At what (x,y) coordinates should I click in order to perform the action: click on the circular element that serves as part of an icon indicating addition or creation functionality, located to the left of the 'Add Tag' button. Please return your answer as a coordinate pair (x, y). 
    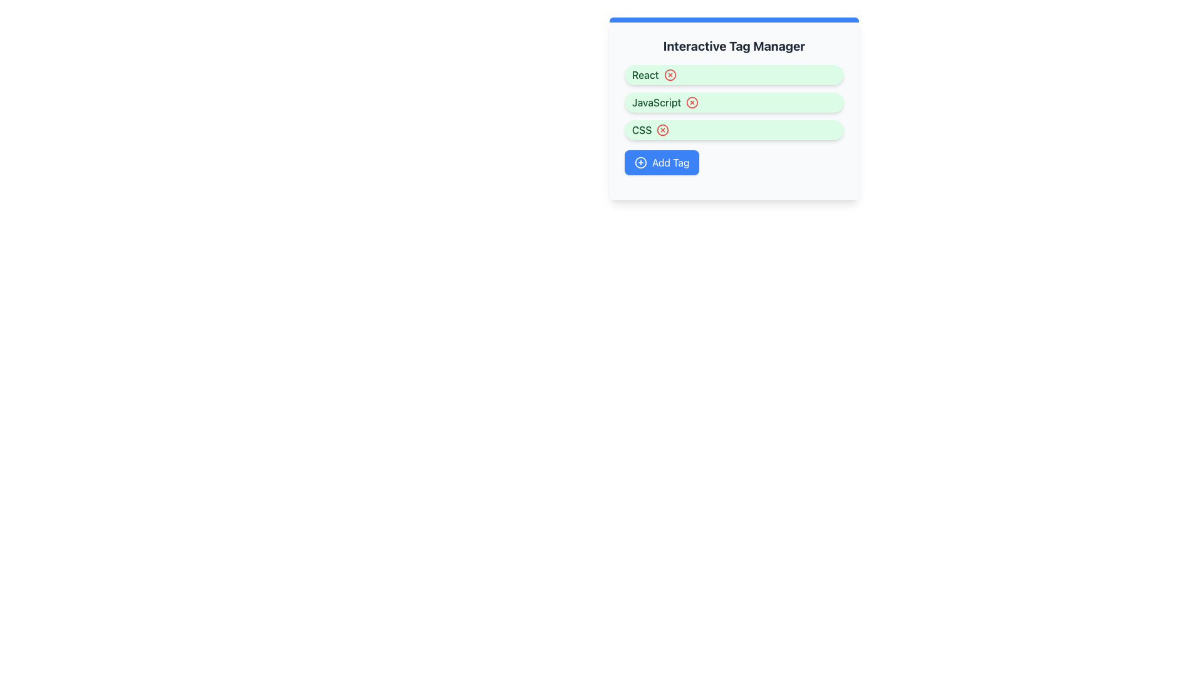
    Looking at the image, I should click on (640, 161).